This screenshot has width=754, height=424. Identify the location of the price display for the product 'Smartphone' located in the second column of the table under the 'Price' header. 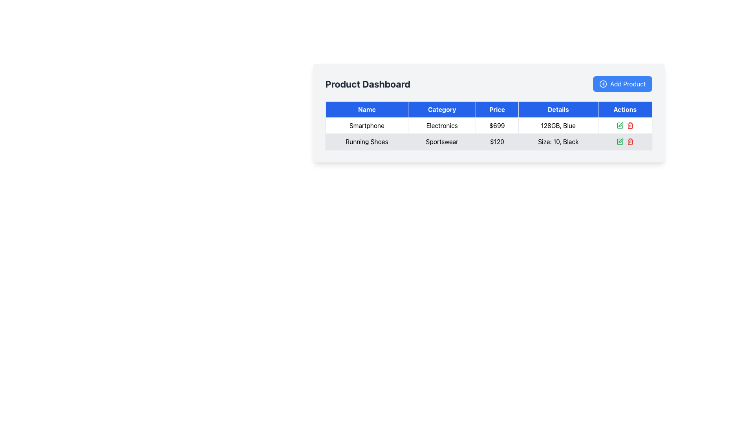
(488, 125).